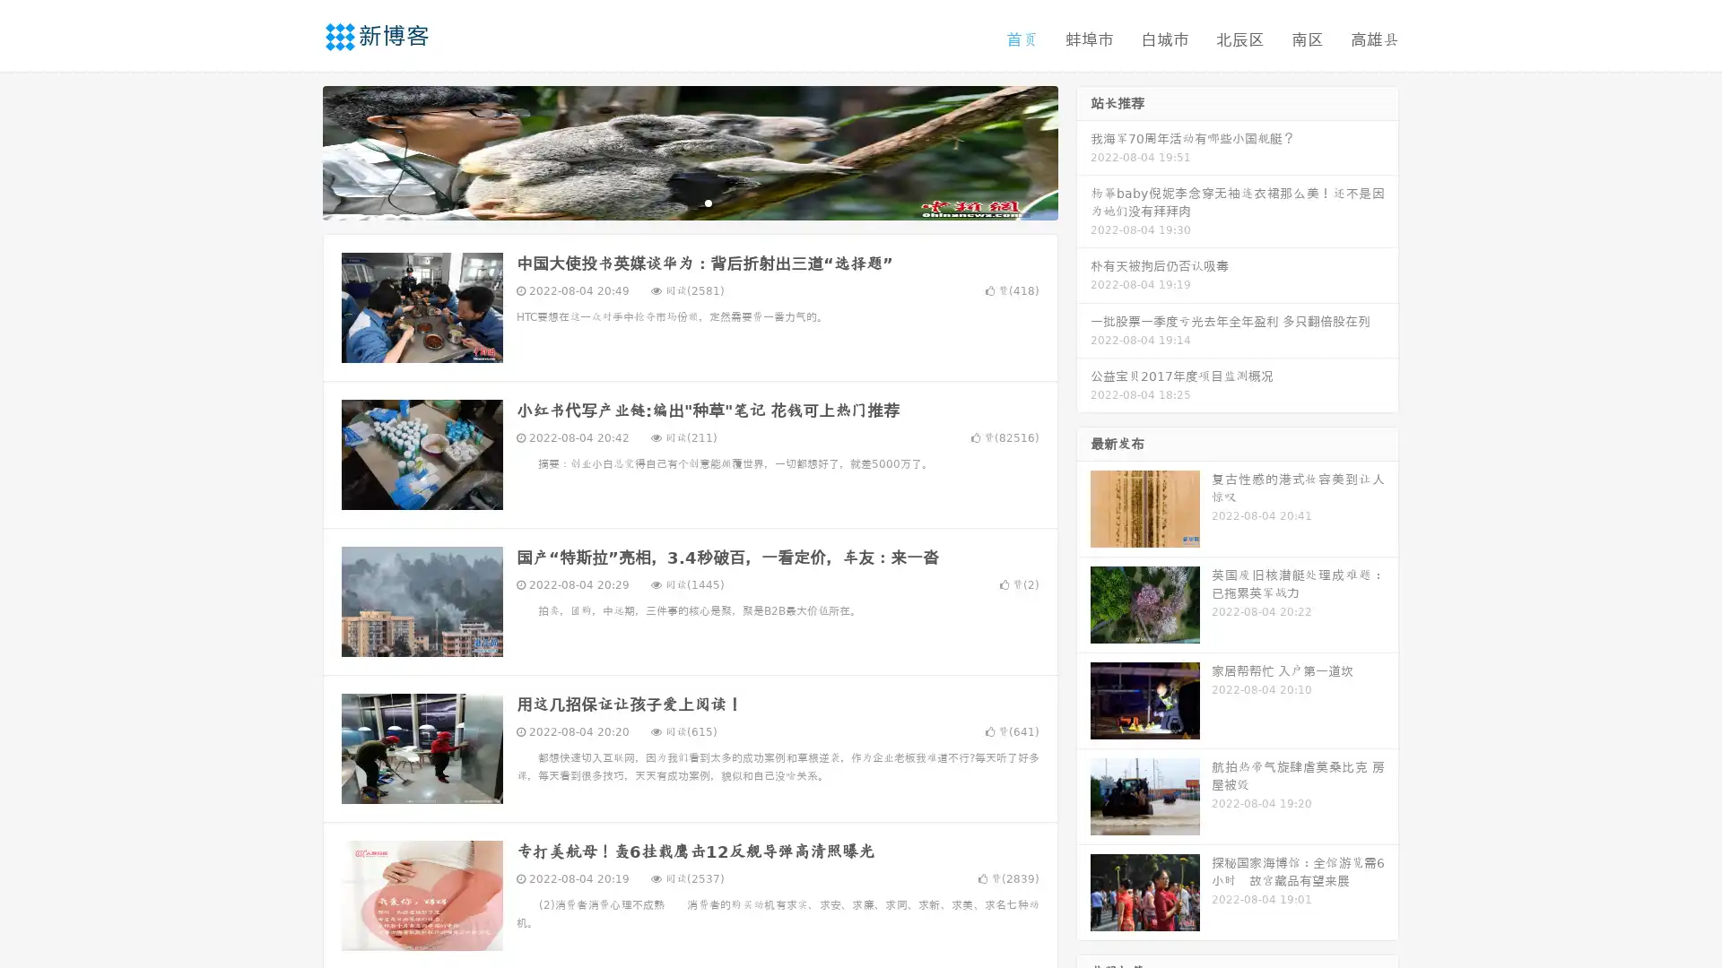 This screenshot has width=1722, height=968. Describe the element at coordinates (689, 202) in the screenshot. I see `Go to slide 2` at that location.